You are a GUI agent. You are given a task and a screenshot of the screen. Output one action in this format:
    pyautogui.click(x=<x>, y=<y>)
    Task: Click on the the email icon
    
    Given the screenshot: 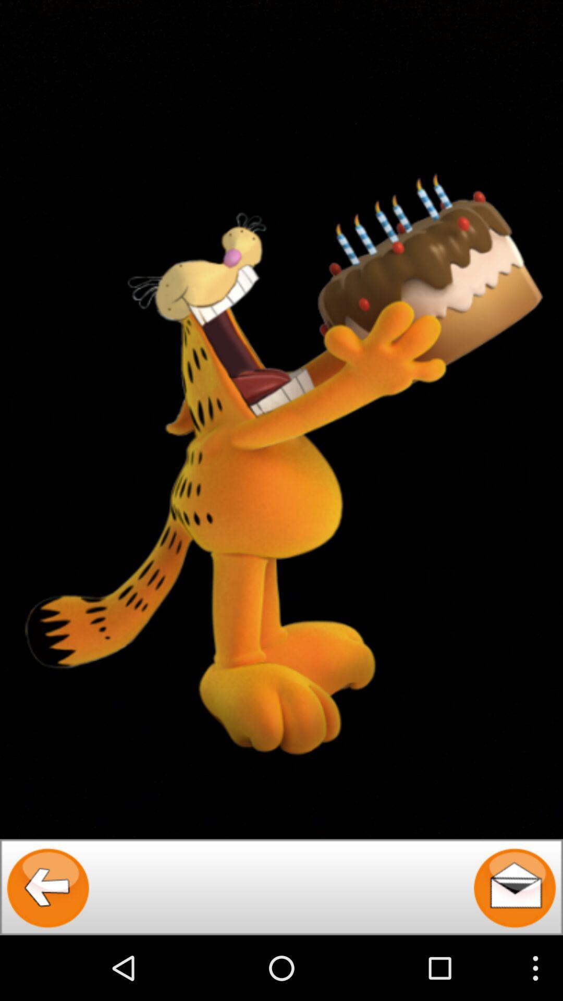 What is the action you would take?
    pyautogui.click(x=514, y=949)
    